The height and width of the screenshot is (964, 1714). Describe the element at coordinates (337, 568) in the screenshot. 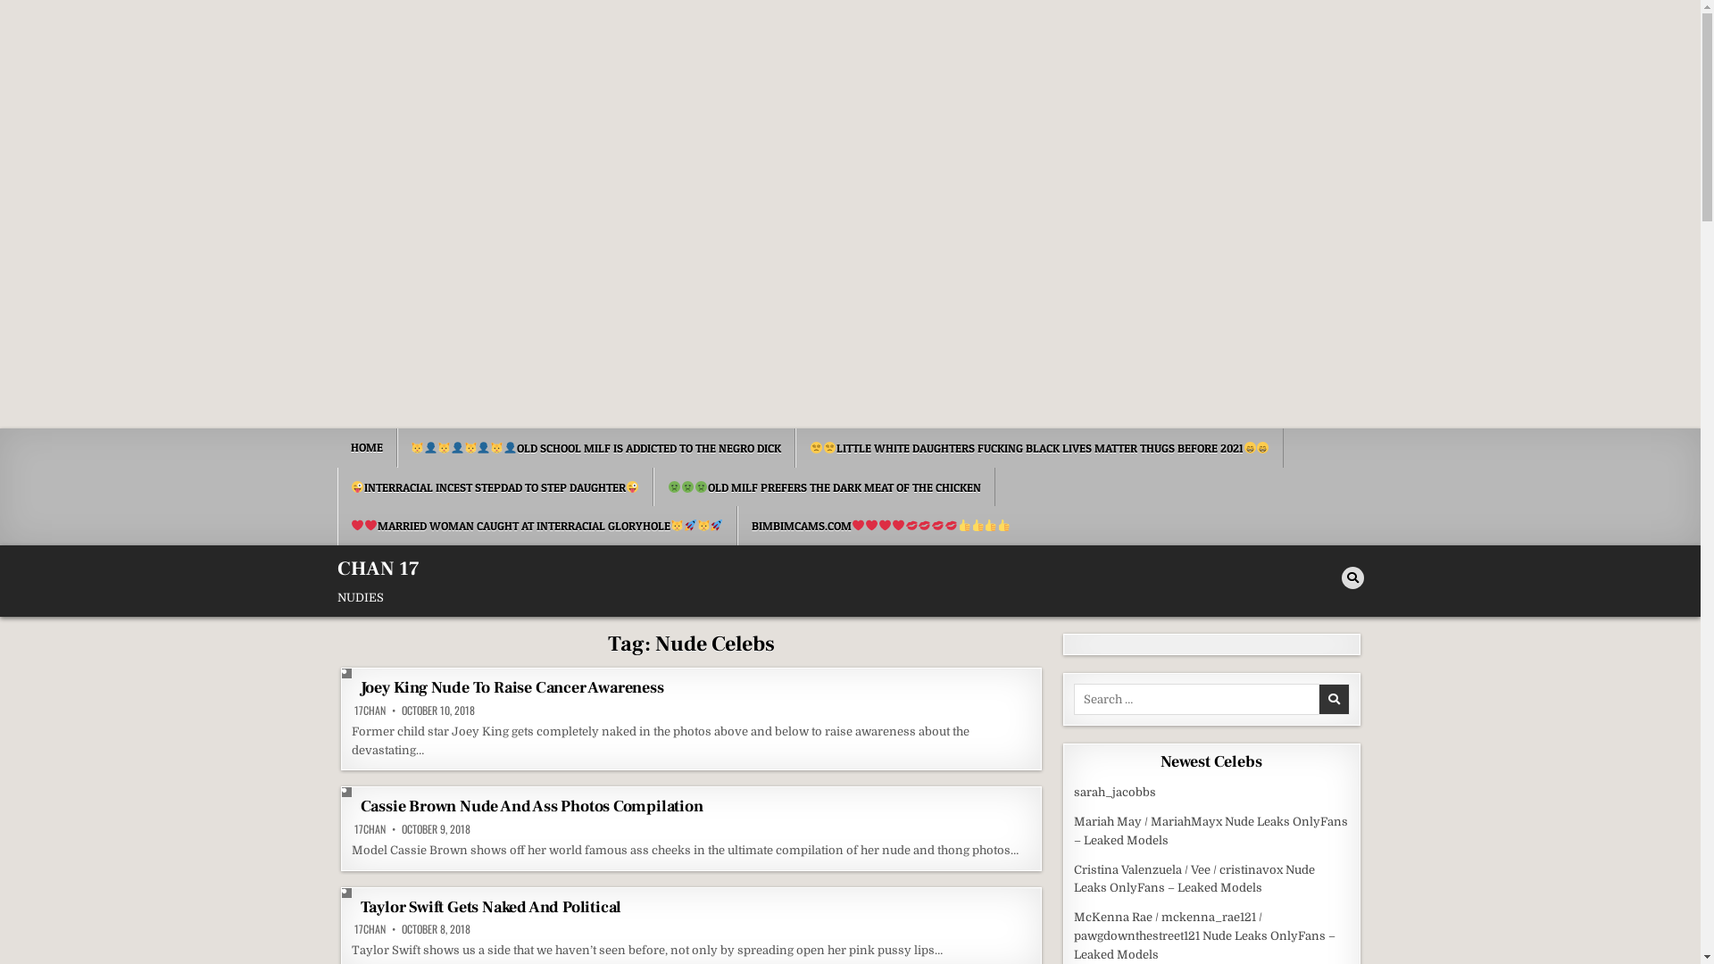

I see `'CHAN 17'` at that location.